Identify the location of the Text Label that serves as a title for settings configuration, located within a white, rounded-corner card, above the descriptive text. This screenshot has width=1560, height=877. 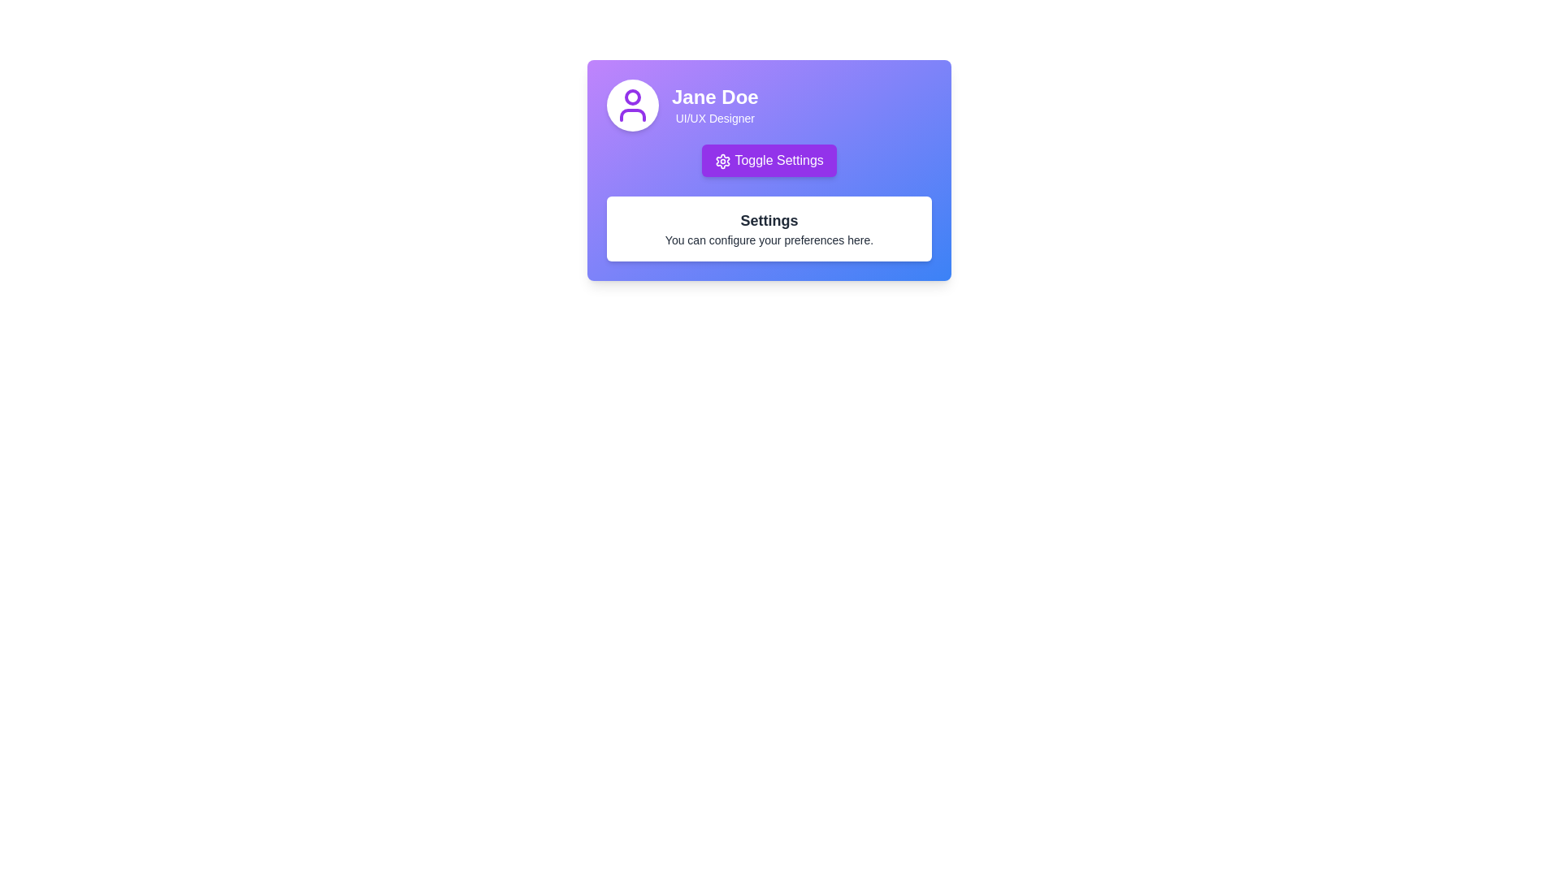
(768, 221).